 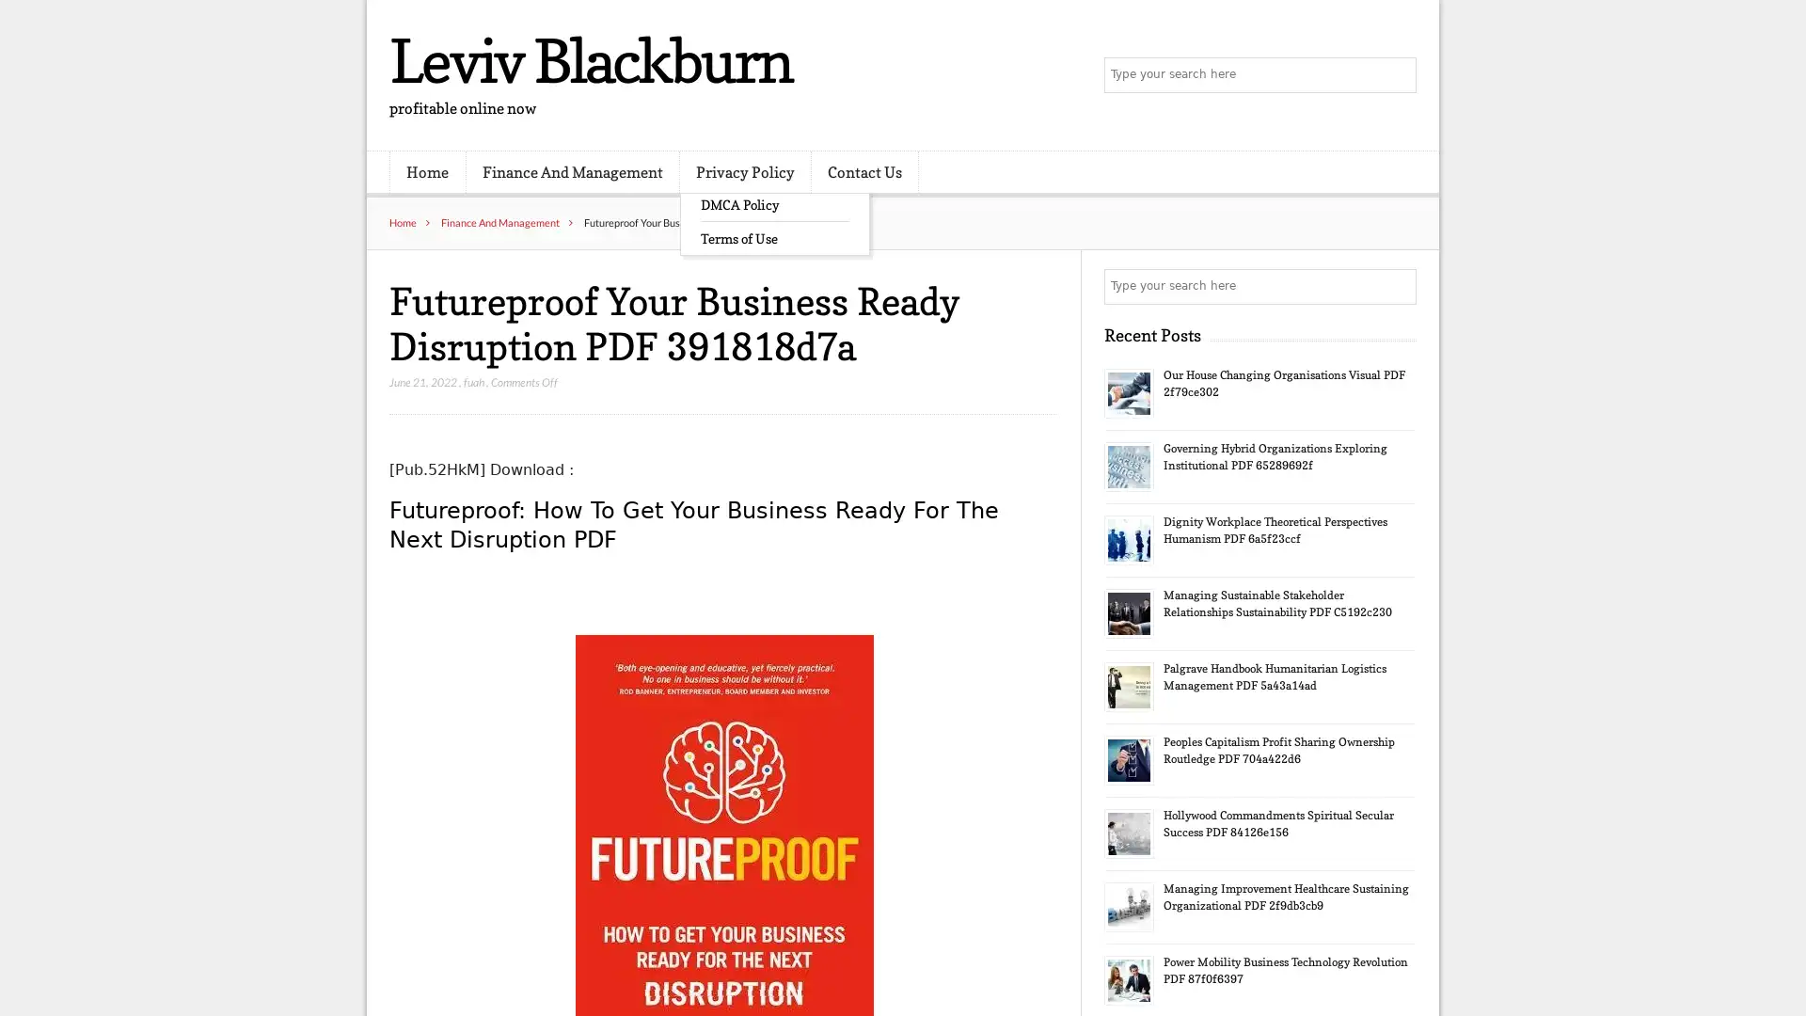 What do you see at coordinates (1397, 286) in the screenshot?
I see `Search` at bounding box center [1397, 286].